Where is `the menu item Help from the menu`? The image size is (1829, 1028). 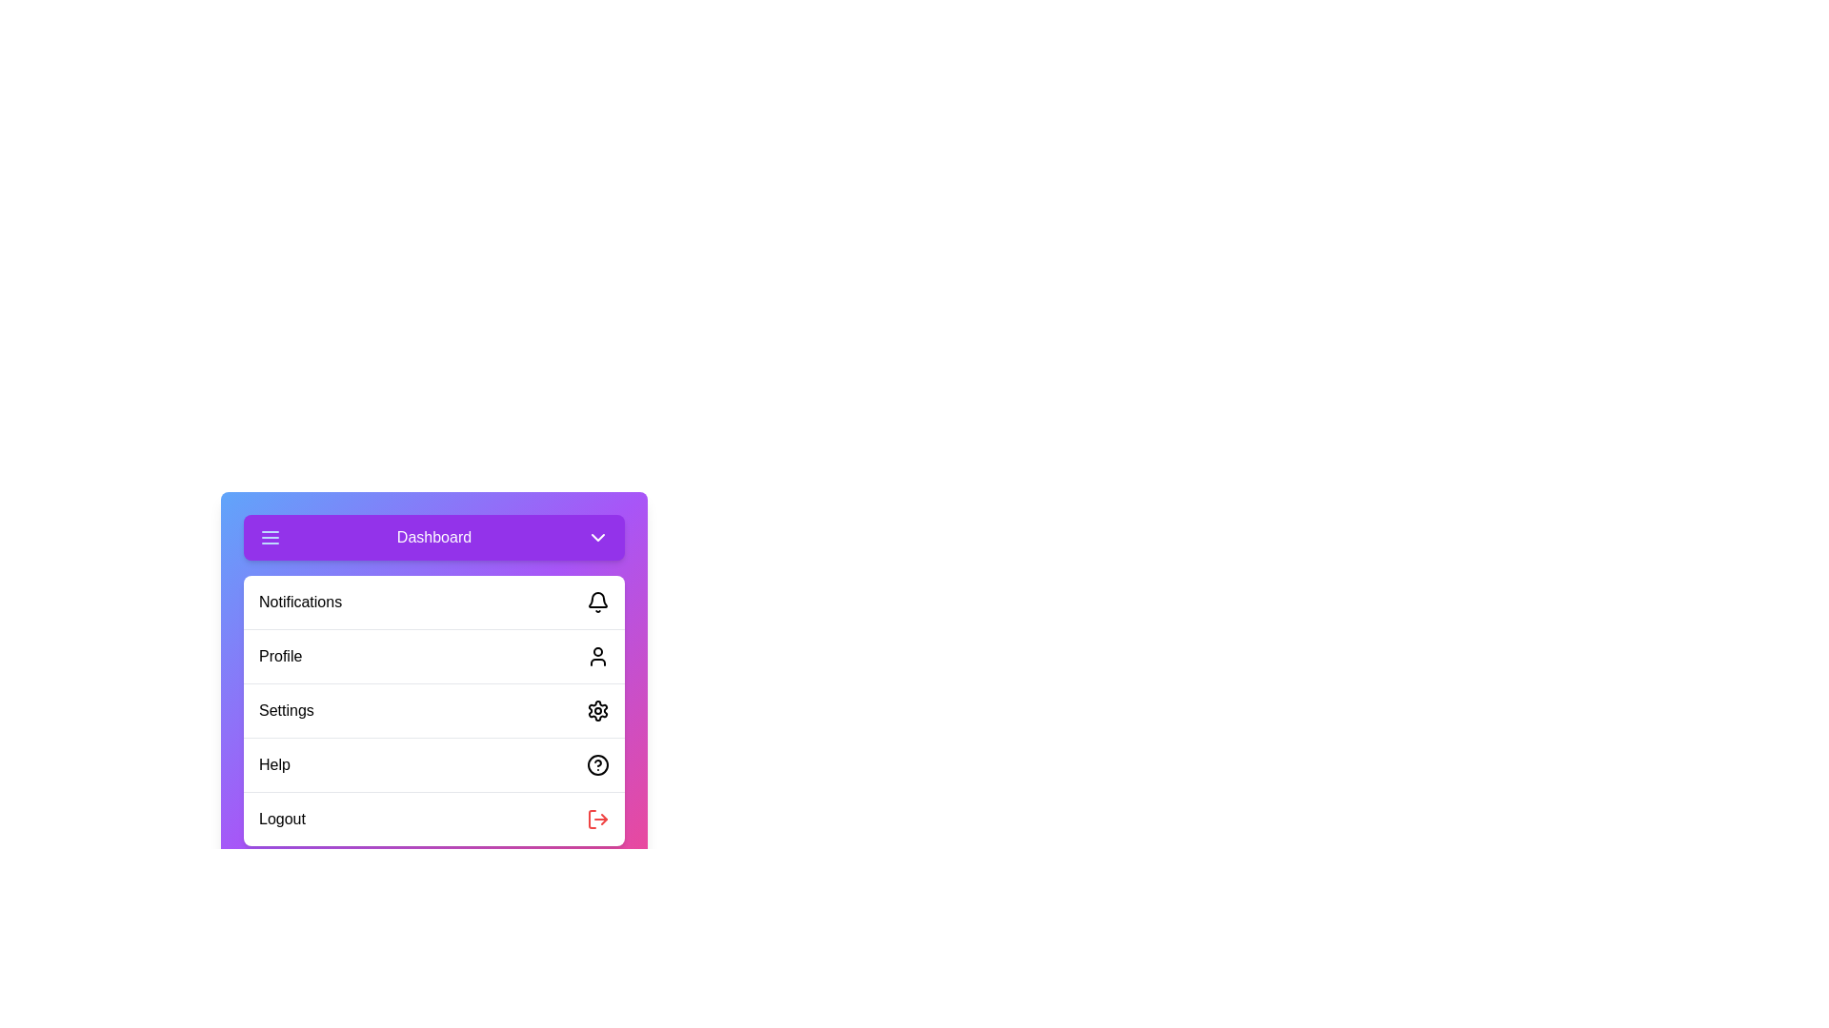
the menu item Help from the menu is located at coordinates (433, 763).